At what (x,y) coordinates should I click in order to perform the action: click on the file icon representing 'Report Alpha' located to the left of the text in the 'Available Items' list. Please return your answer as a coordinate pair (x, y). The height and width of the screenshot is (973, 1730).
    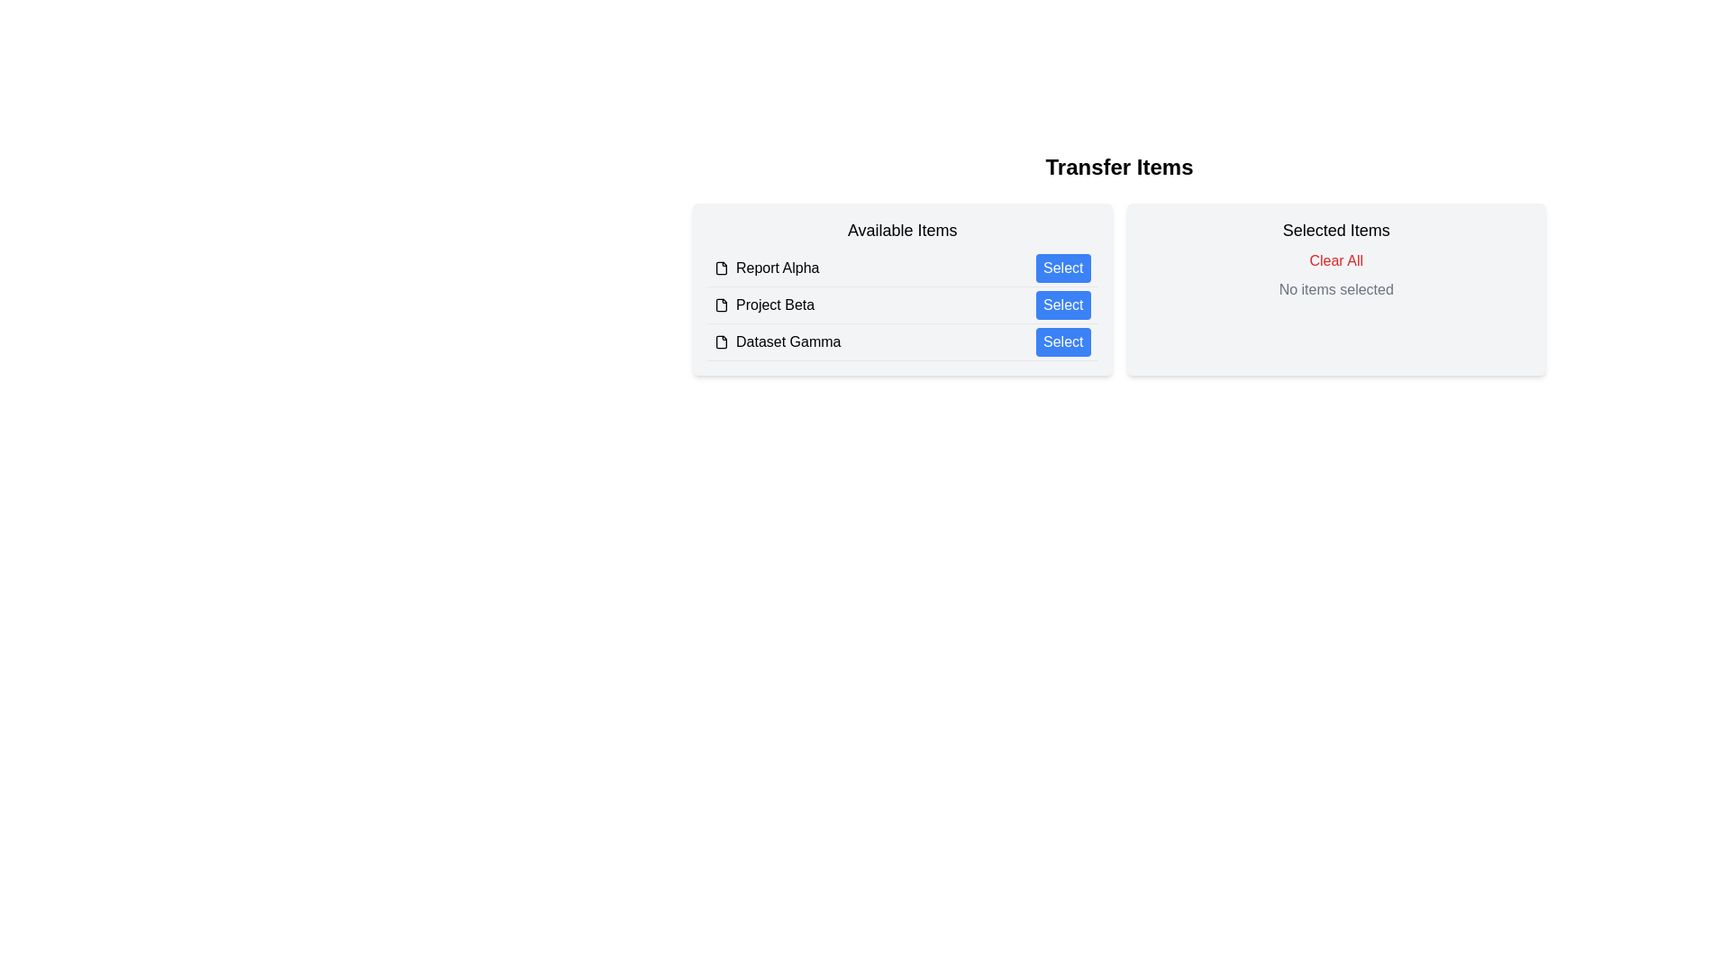
    Looking at the image, I should click on (722, 268).